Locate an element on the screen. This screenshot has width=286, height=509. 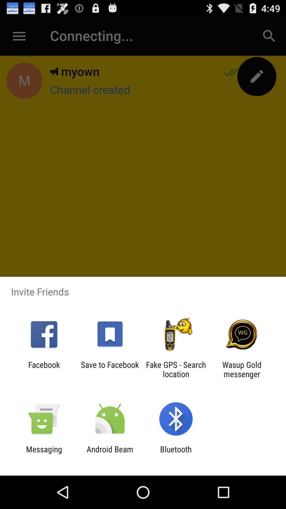
messaging app is located at coordinates (44, 454).